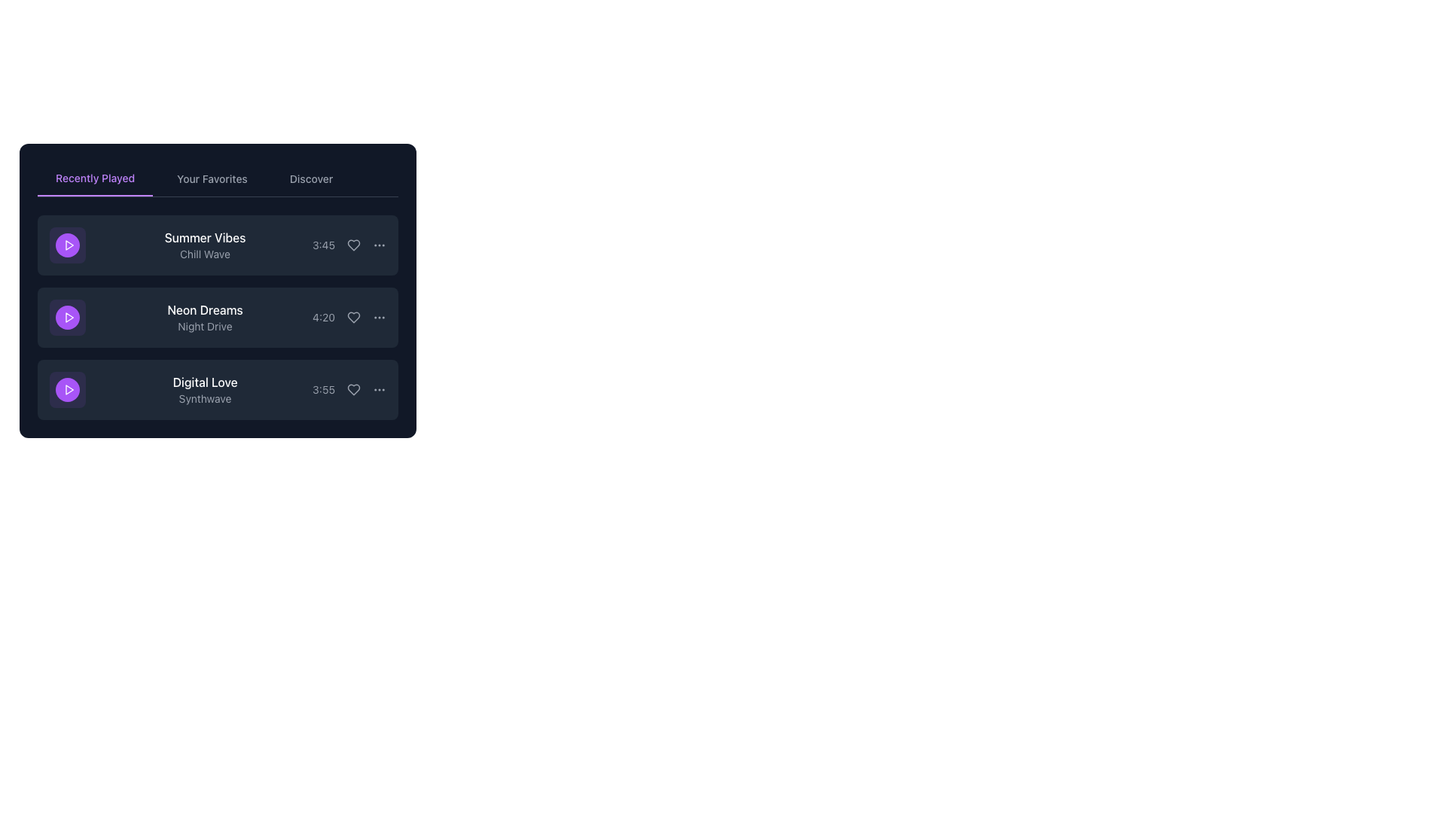  I want to click on the 'Discover' navigation button located at the top-right corner of the navigation bar to change its color, so click(310, 178).